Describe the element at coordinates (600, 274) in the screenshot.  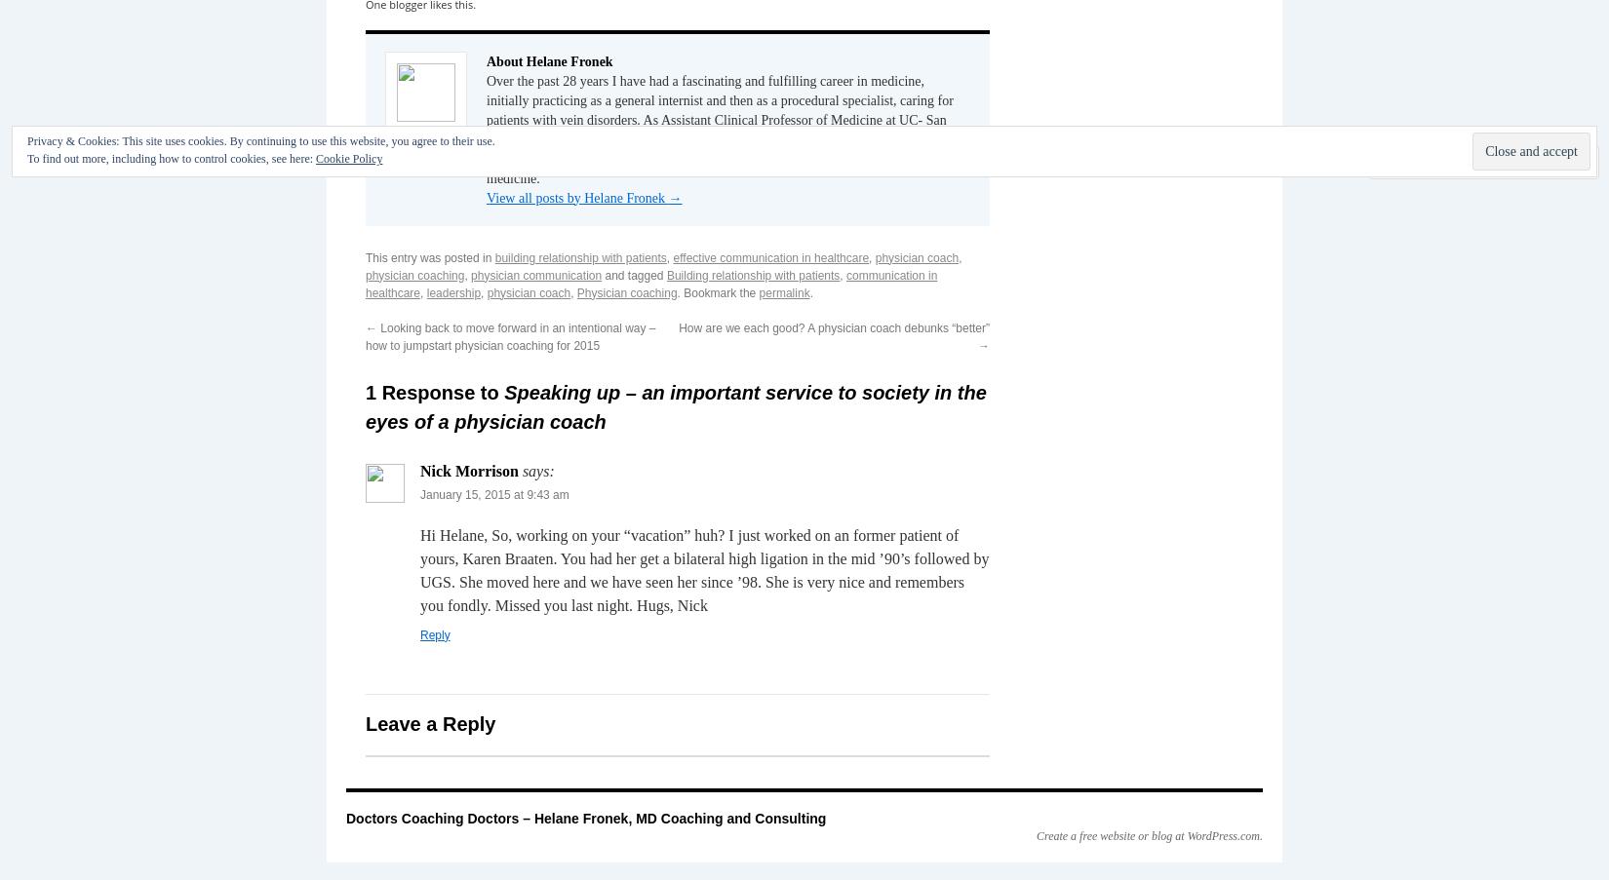
I see `'and tagged'` at that location.